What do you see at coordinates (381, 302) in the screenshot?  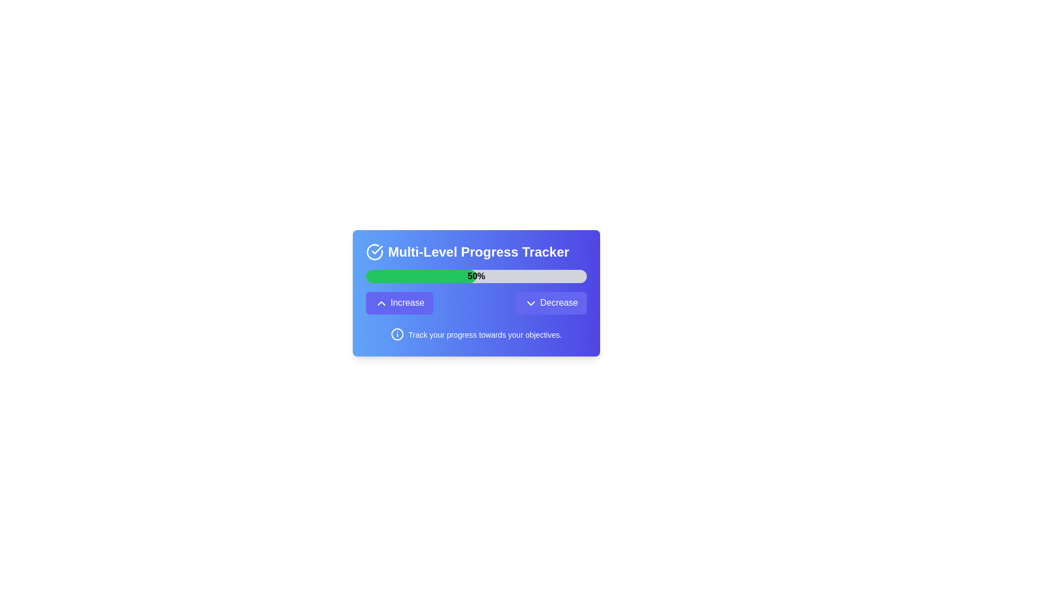 I see `the increase icon located within the 'Increase' button, positioned to the left of the 'Decrease' button and above the 'Track your progress' text` at bounding box center [381, 302].